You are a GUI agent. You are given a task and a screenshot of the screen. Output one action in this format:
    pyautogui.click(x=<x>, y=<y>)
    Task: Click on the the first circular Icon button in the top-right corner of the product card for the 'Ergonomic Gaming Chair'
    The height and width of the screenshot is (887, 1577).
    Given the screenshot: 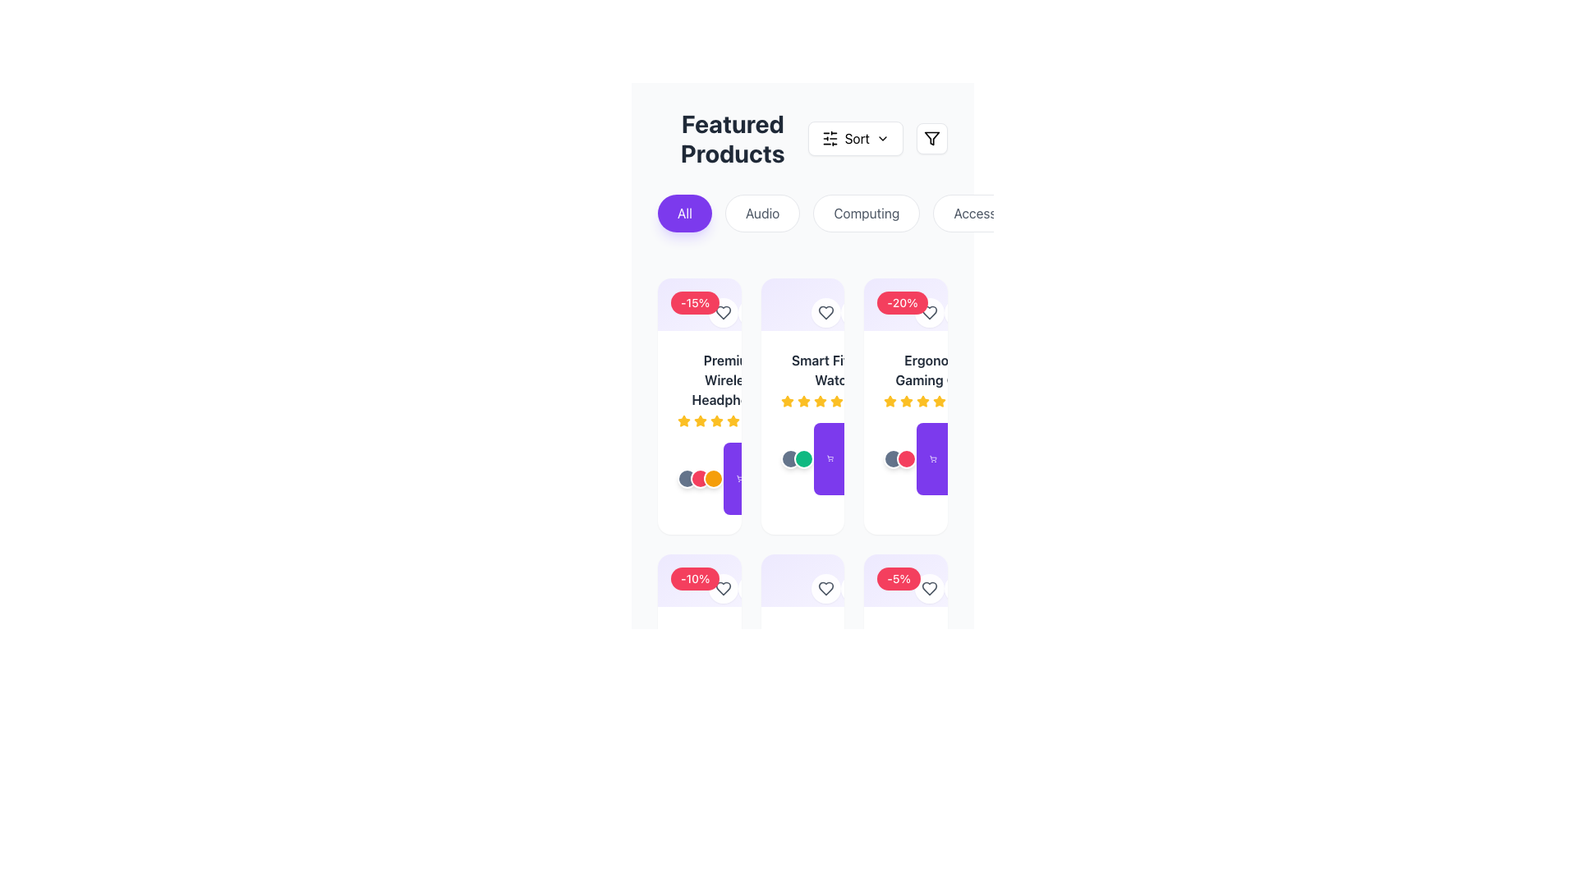 What is the action you would take?
    pyautogui.click(x=930, y=313)
    